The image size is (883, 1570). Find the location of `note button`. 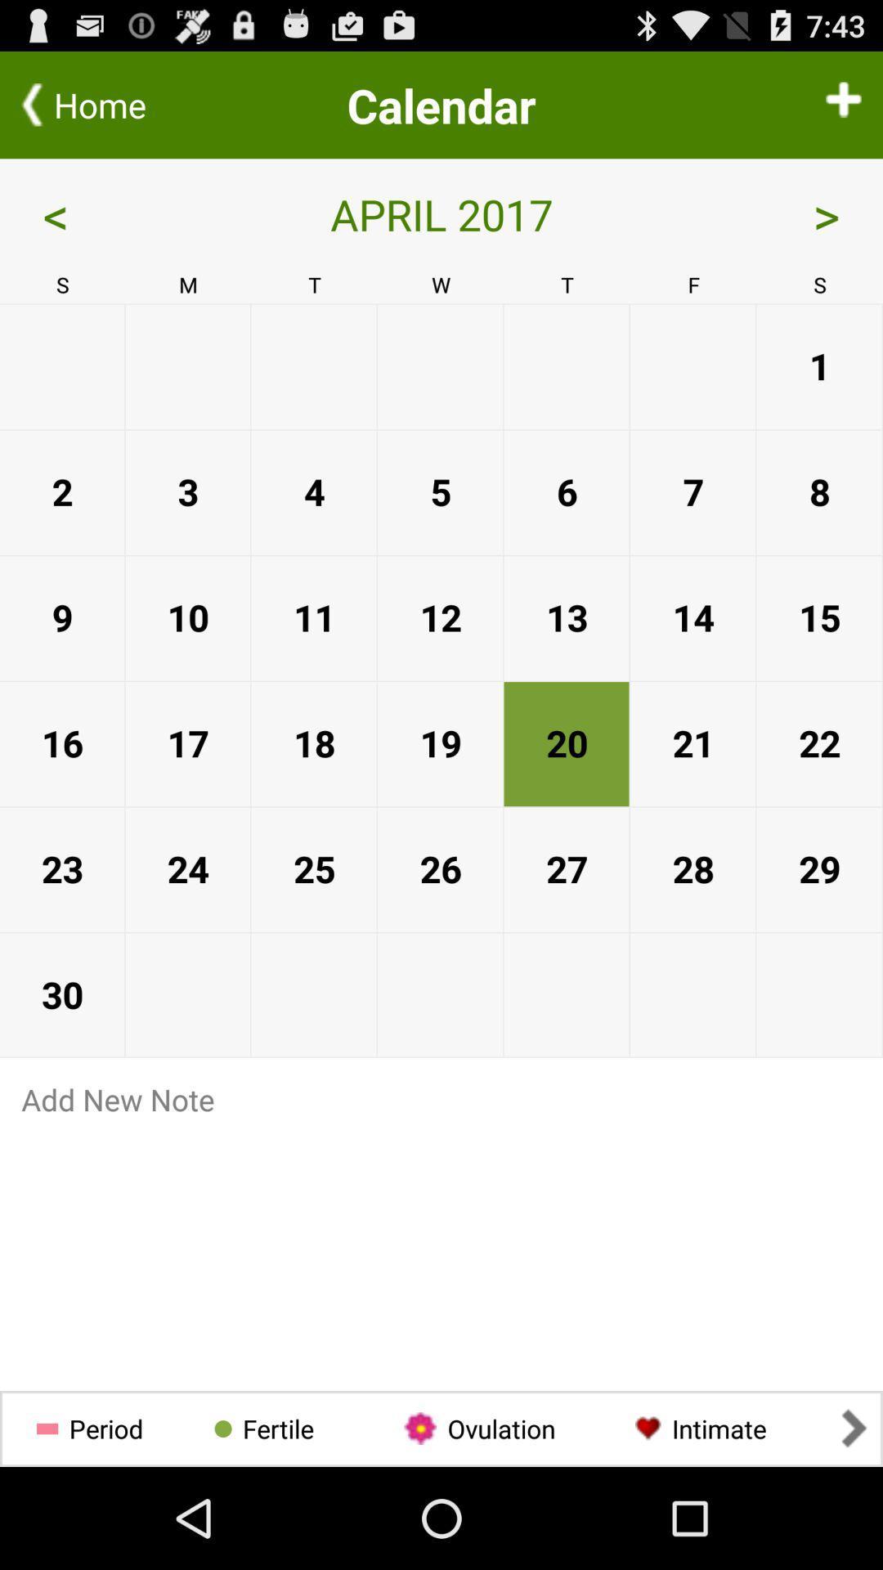

note button is located at coordinates (441, 1099).